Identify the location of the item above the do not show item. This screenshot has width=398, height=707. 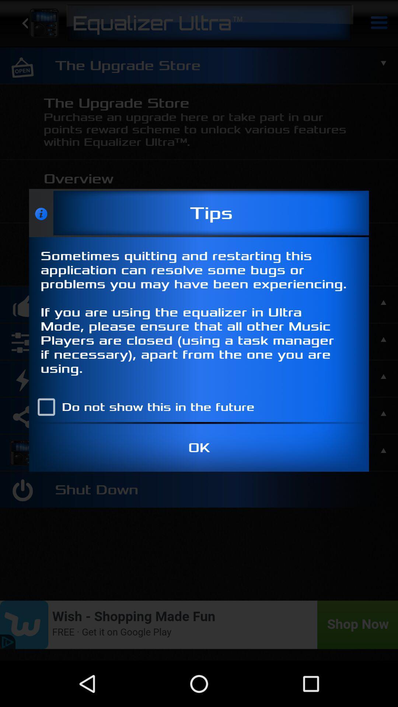
(199, 314).